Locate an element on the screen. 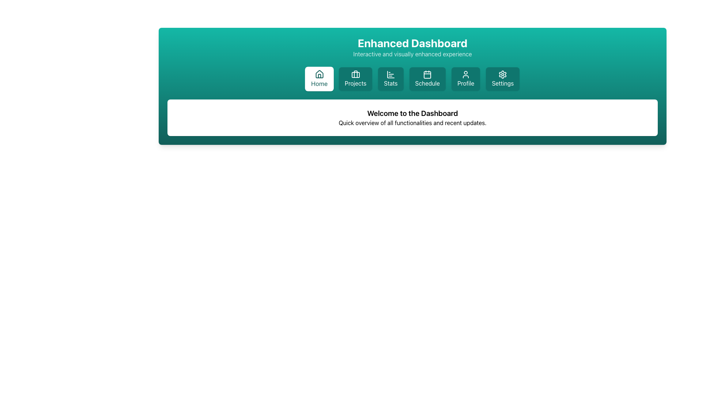  text label that identifies the navigation button leading to the 'Projects' section, located between the 'Home' and 'Stats' buttons in the top navigation bar is located at coordinates (355, 83).